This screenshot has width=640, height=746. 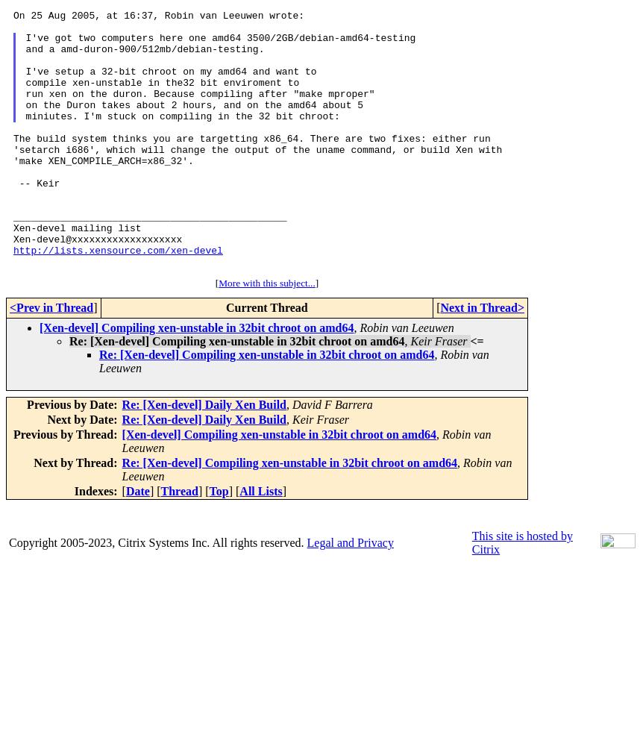 I want to click on 'I've got two computers here one amd64 3500/2GB/debian-amd64-testing
and a amd-duron-900/512mb/debian-testing.

I've setup a 32-bit chroot on my amd64 and want to
compile xen-unstable in the32 bit enviroment to
run xen on the duron. Because compiling after "make mproper"
on the Duron takes about 2 hours, and on the amd64 about 5
miniutes. I'm stuck on compiling in the 32 bit chroot:', so click(x=25, y=77).